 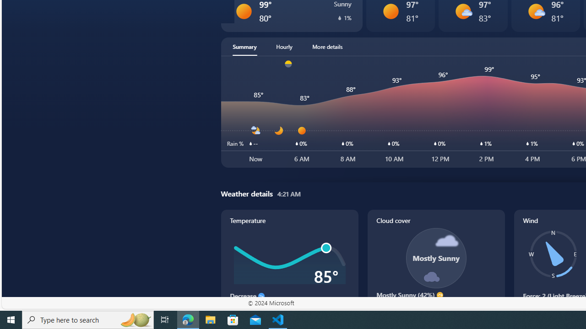 I want to click on 'Temperature', so click(x=289, y=267).